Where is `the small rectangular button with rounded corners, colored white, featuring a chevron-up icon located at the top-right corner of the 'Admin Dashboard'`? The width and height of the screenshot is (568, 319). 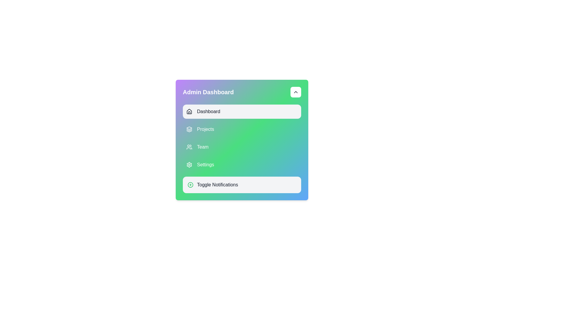 the small rectangular button with rounded corners, colored white, featuring a chevron-up icon located at the top-right corner of the 'Admin Dashboard' is located at coordinates (296, 92).